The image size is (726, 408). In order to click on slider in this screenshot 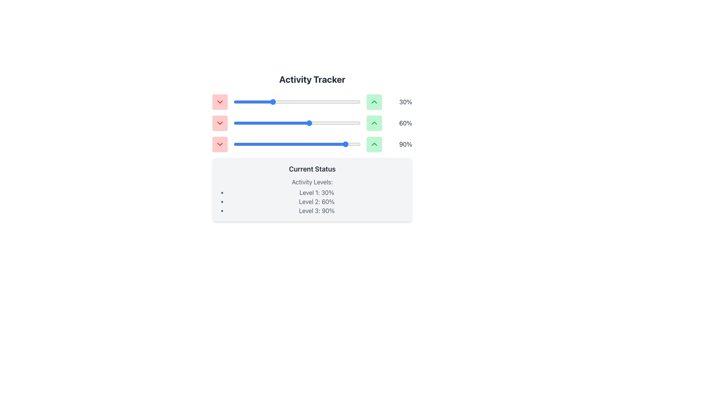, I will do `click(313, 102)`.